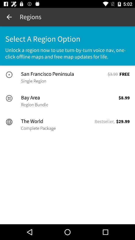 The width and height of the screenshot is (135, 240). Describe the element at coordinates (64, 74) in the screenshot. I see `item to the left of $3.99 icon` at that location.